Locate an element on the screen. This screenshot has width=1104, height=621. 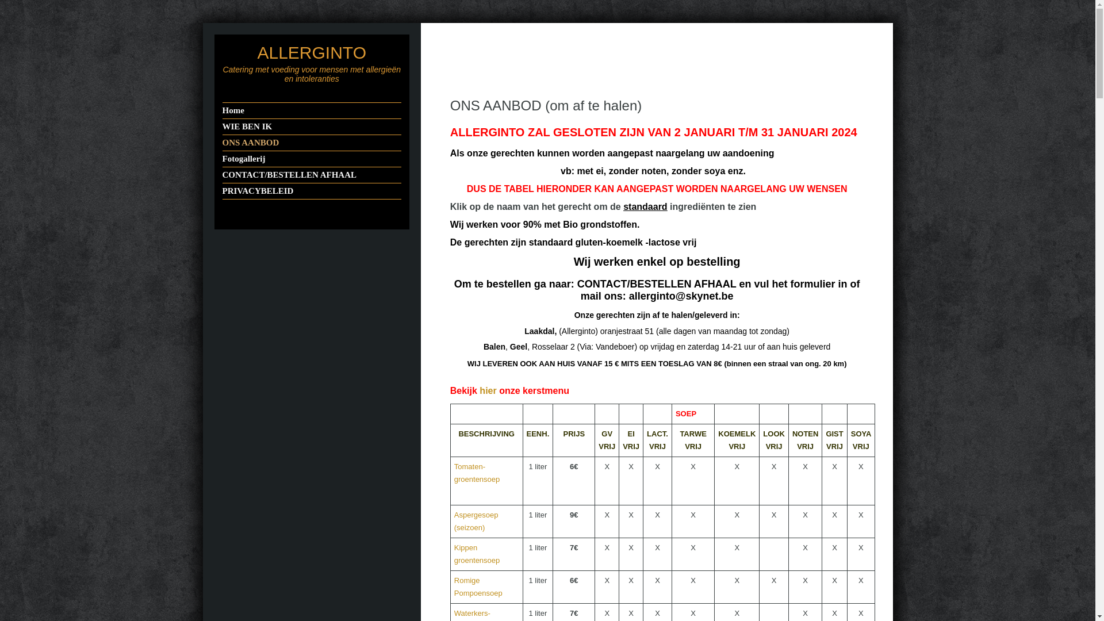
'Romige Pompoensoep' is located at coordinates (454, 586).